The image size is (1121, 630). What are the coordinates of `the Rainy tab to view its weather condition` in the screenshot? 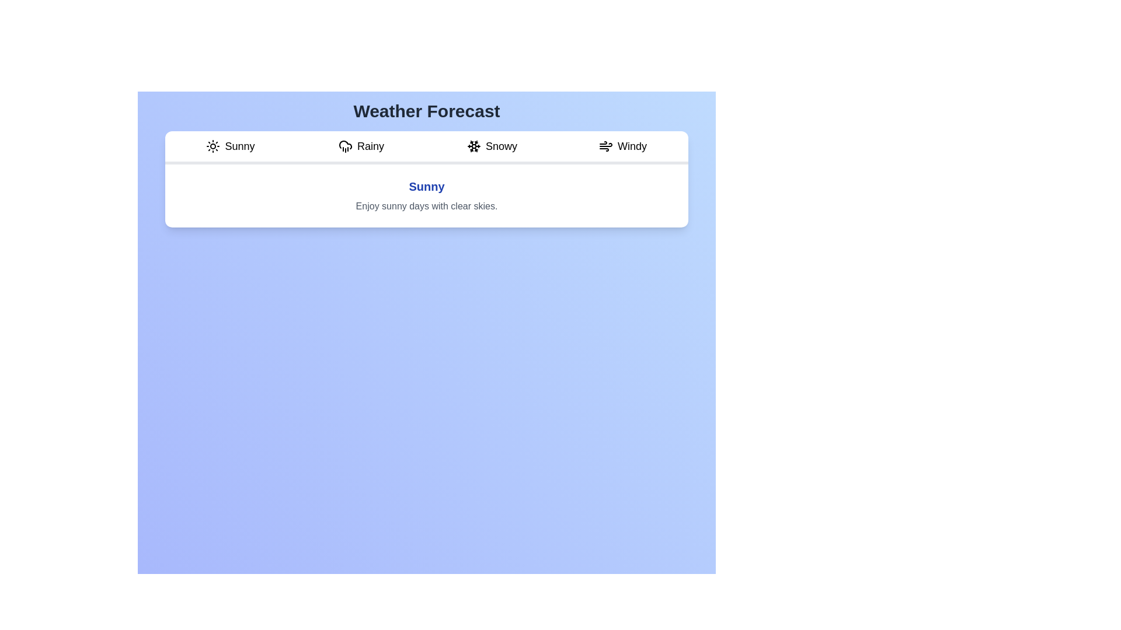 It's located at (361, 147).